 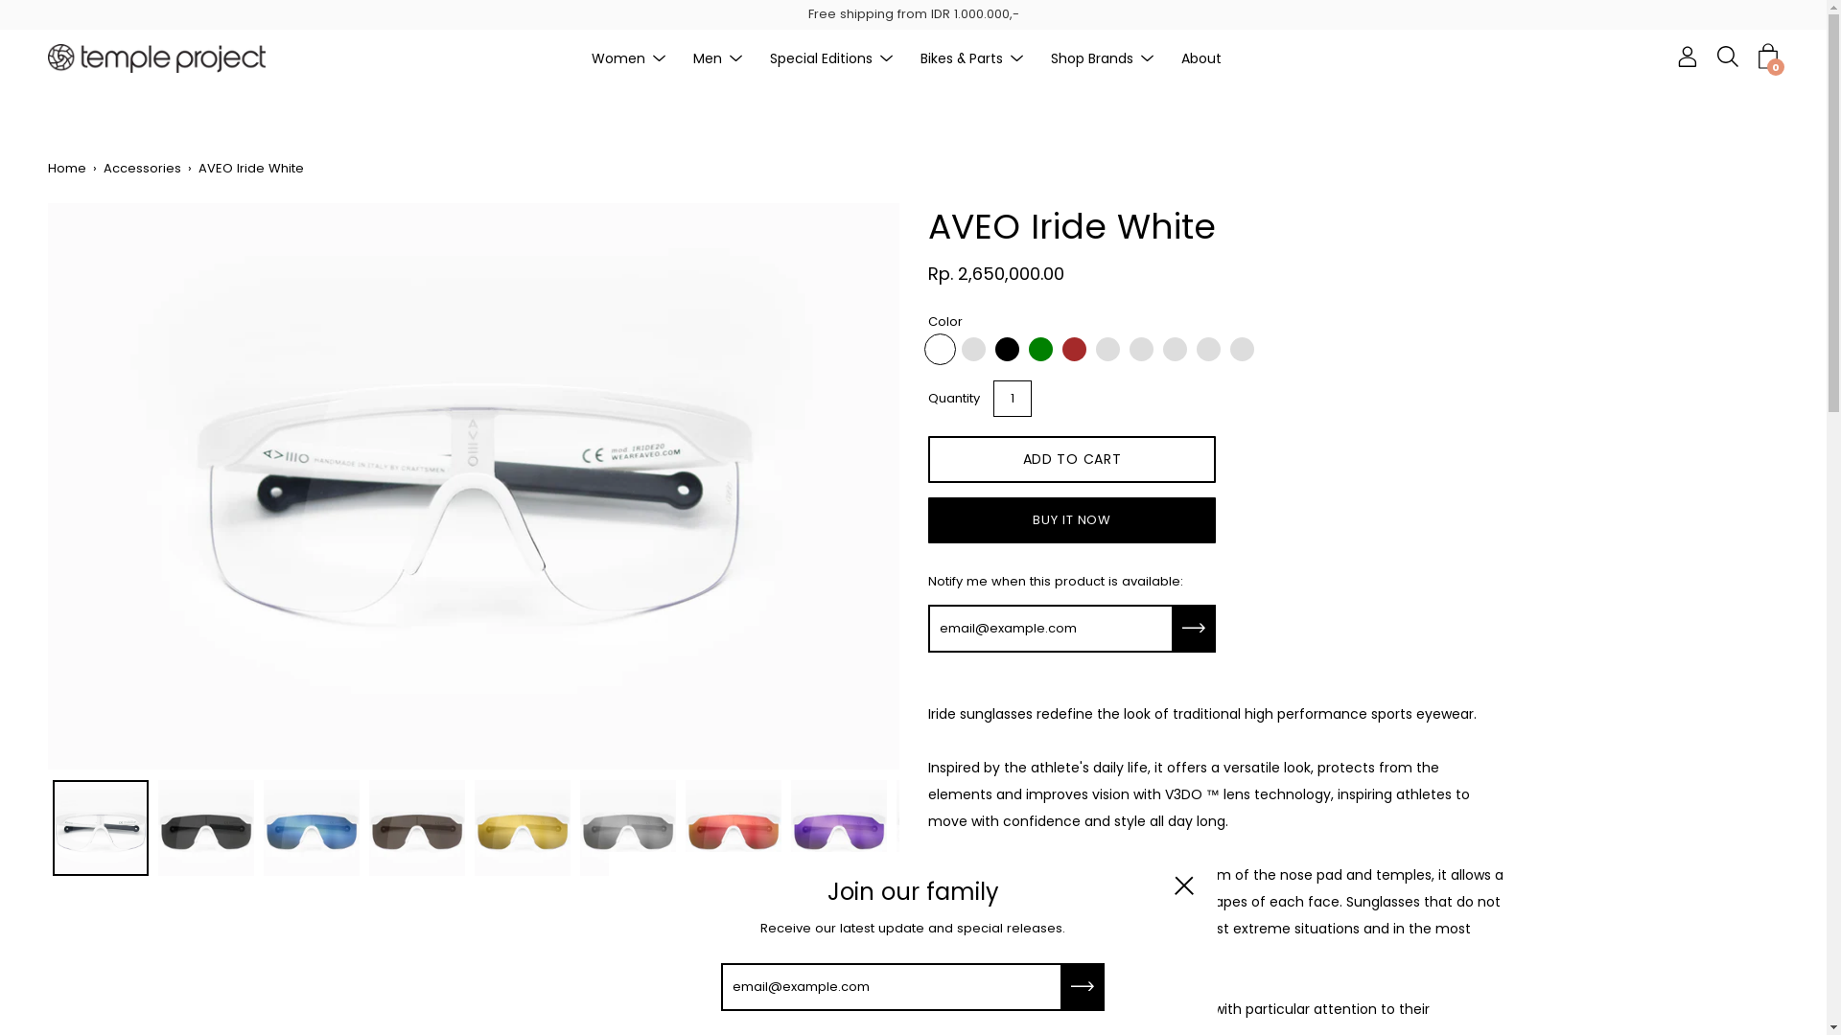 What do you see at coordinates (145, 168) in the screenshot?
I see `'Accessories'` at bounding box center [145, 168].